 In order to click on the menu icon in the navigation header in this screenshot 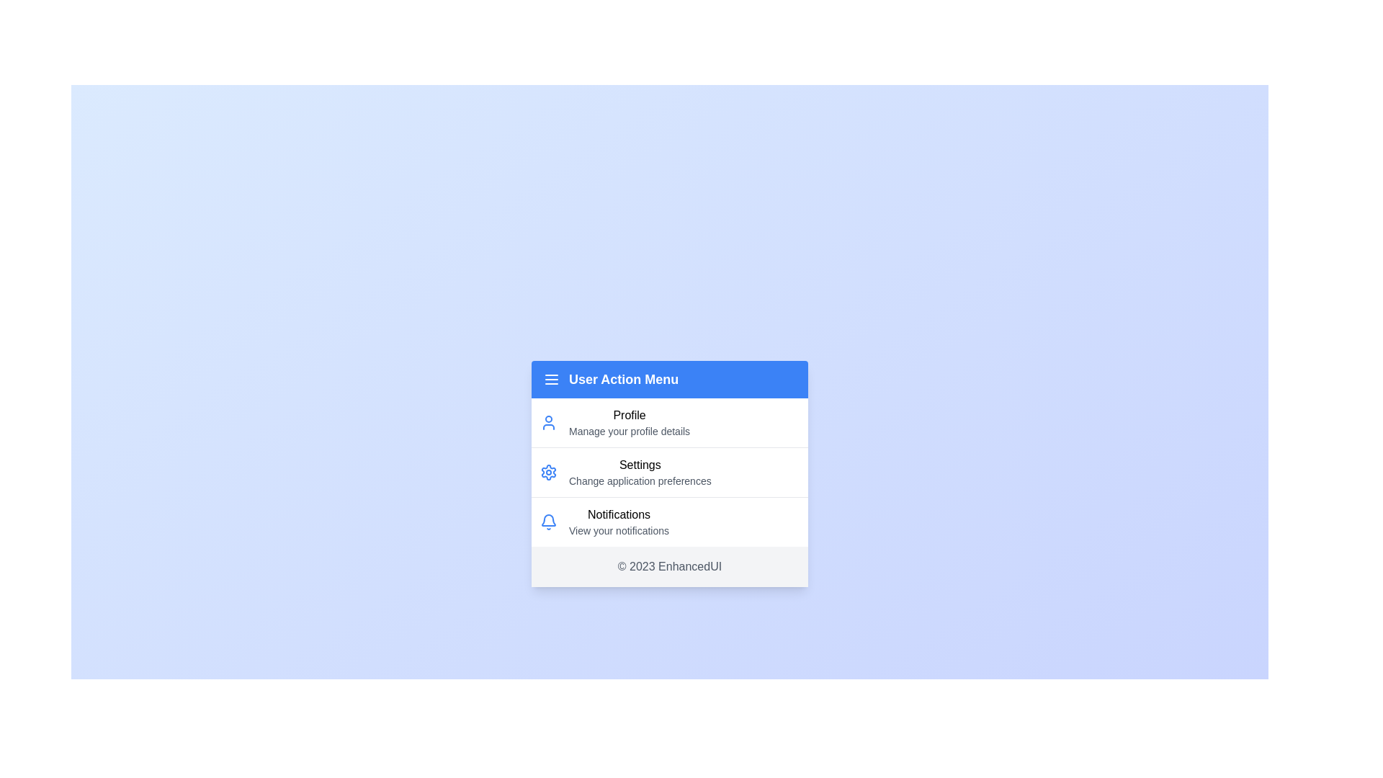, I will do `click(551, 379)`.